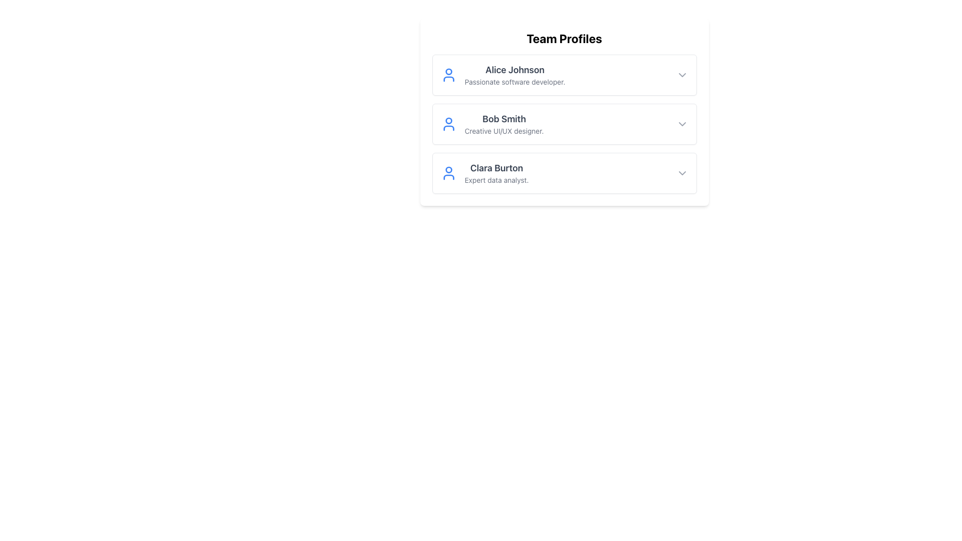 The width and height of the screenshot is (962, 541). Describe the element at coordinates (681, 173) in the screenshot. I see `the chevron-down icon button located at the far-right end of Clara Burton's profile details row` at that location.